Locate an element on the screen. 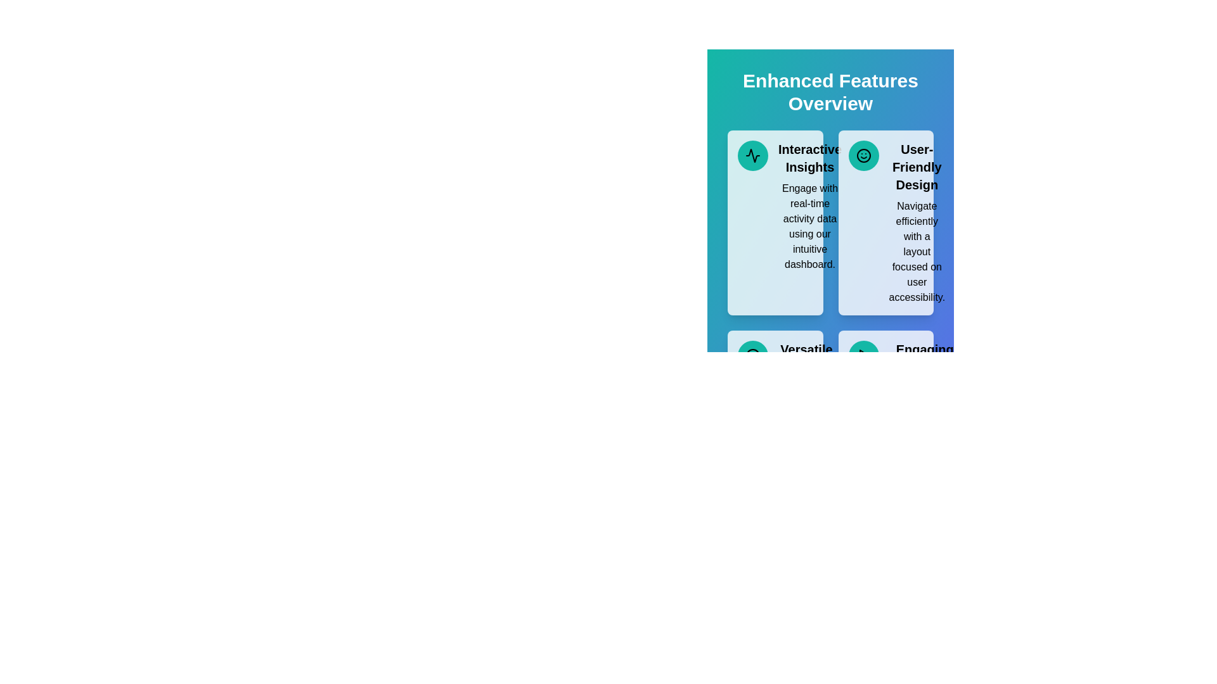  the circular boundary of the smiling face icon located in the User-Friendly Design section under the Enhanced Features Overview title is located at coordinates (863, 155).